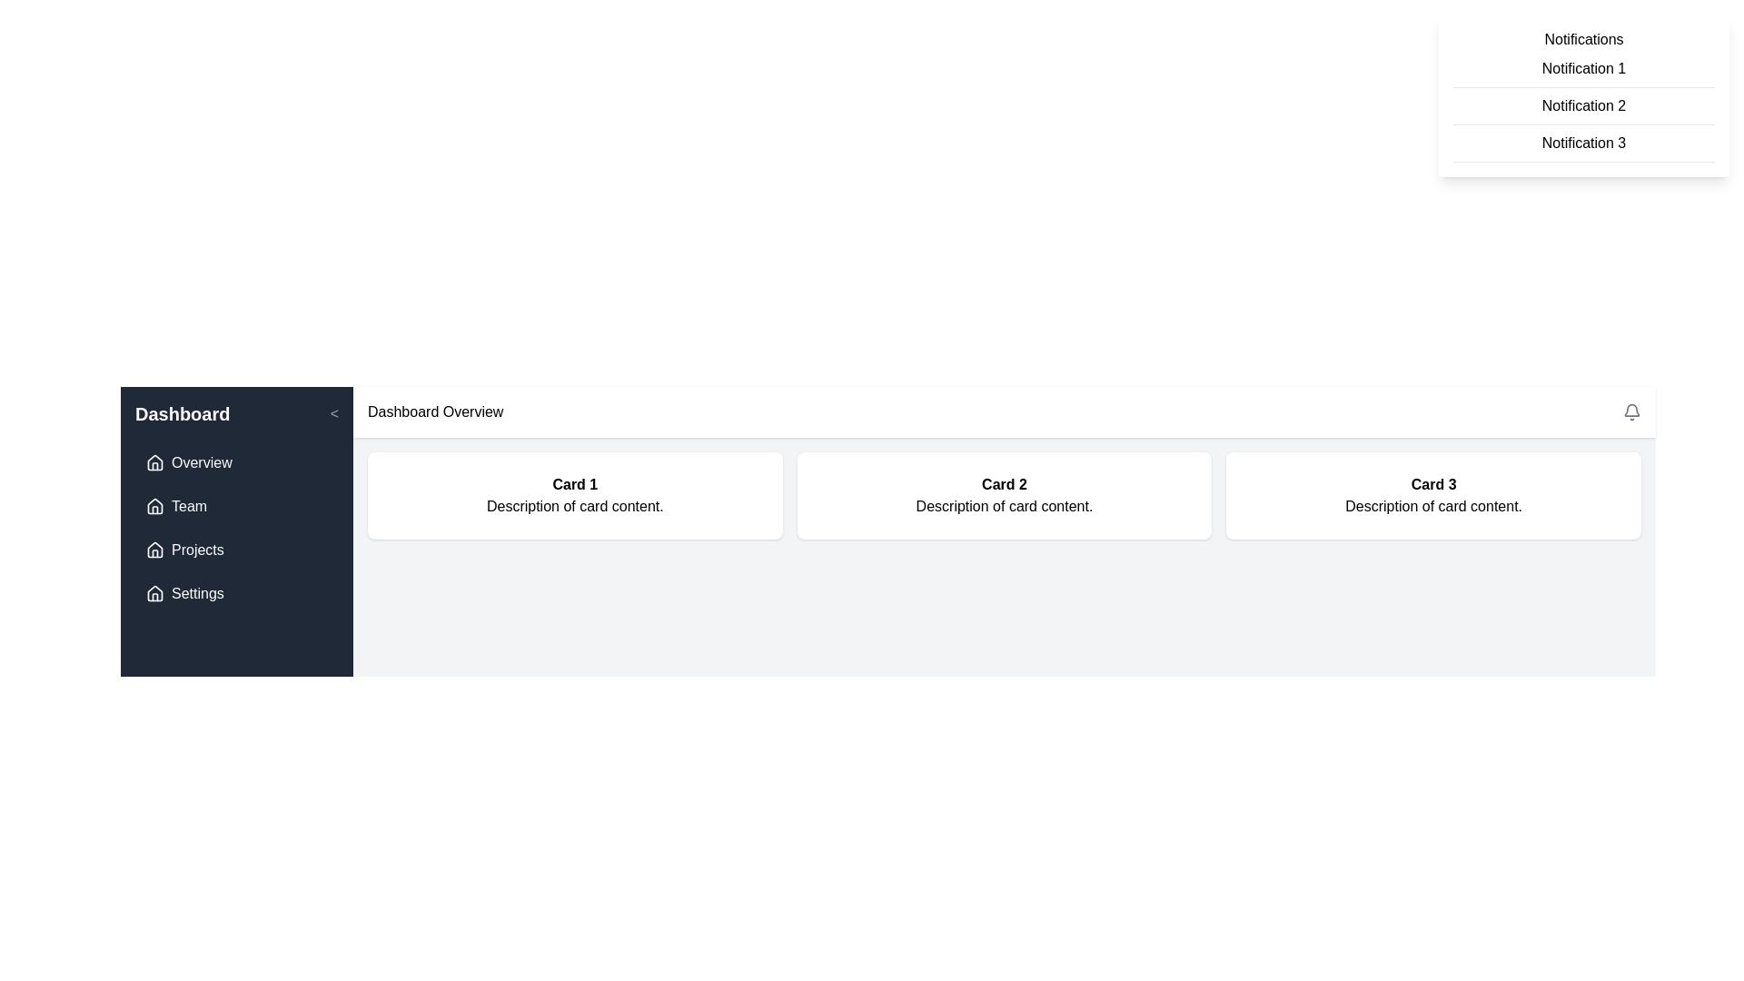 The width and height of the screenshot is (1744, 981). Describe the element at coordinates (1631, 412) in the screenshot. I see `the notification icon located at the far-right side of the 'Dashboard Overview' bar` at that location.